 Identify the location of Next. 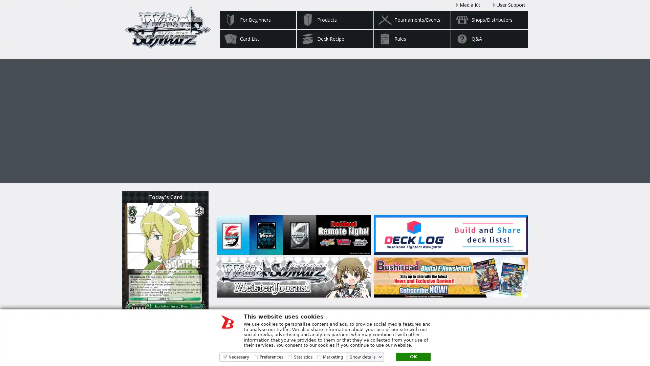
(448, 116).